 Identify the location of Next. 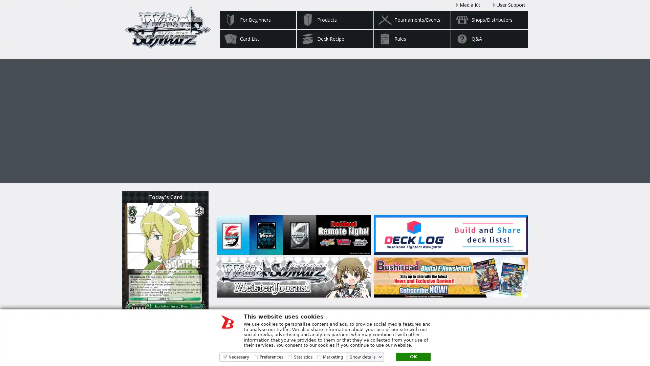
(448, 116).